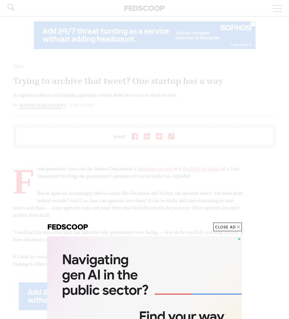 This screenshot has width=289, height=319. What do you see at coordinates (42, 104) in the screenshot?
I see `'Whitney Blair Wyckoff'` at bounding box center [42, 104].